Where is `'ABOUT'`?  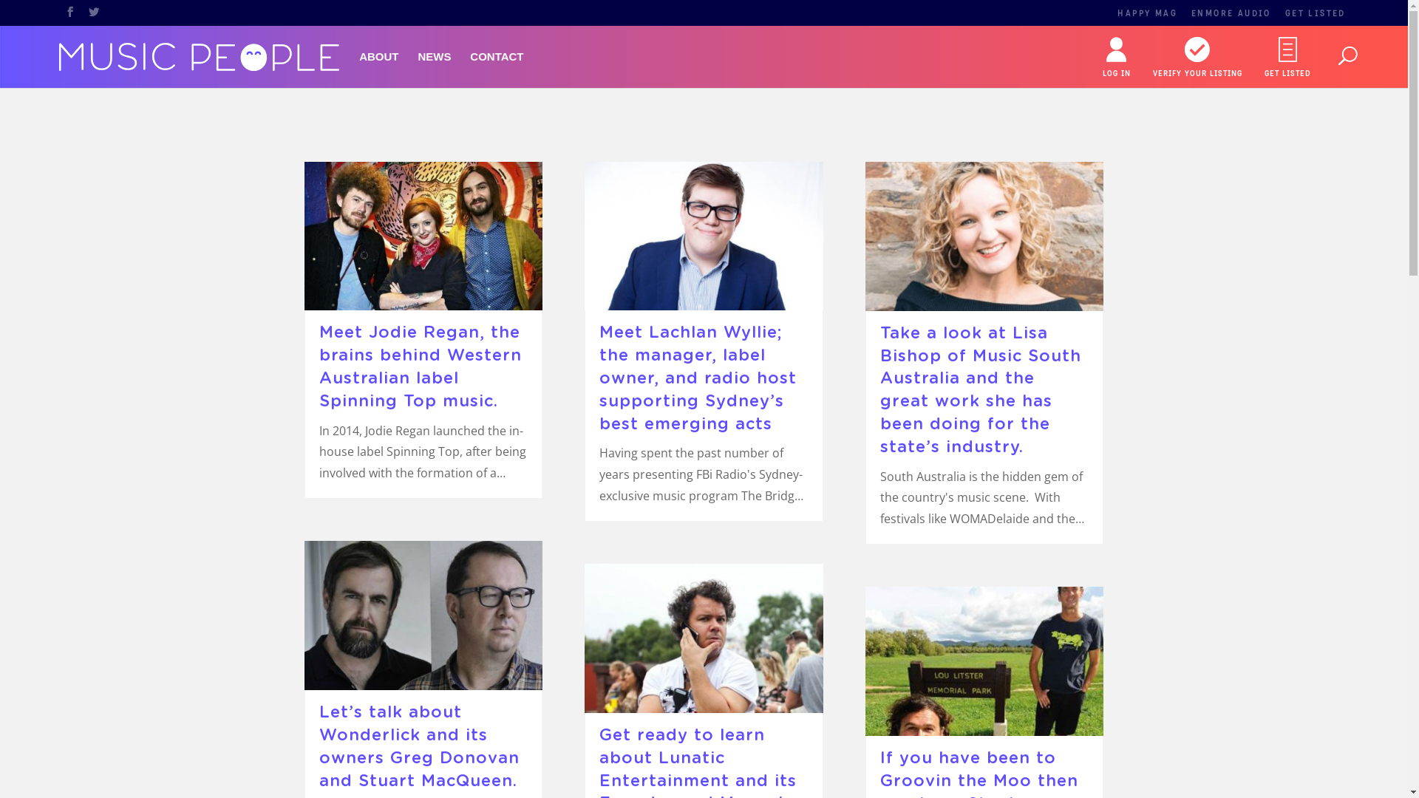
'ABOUT' is located at coordinates (378, 69).